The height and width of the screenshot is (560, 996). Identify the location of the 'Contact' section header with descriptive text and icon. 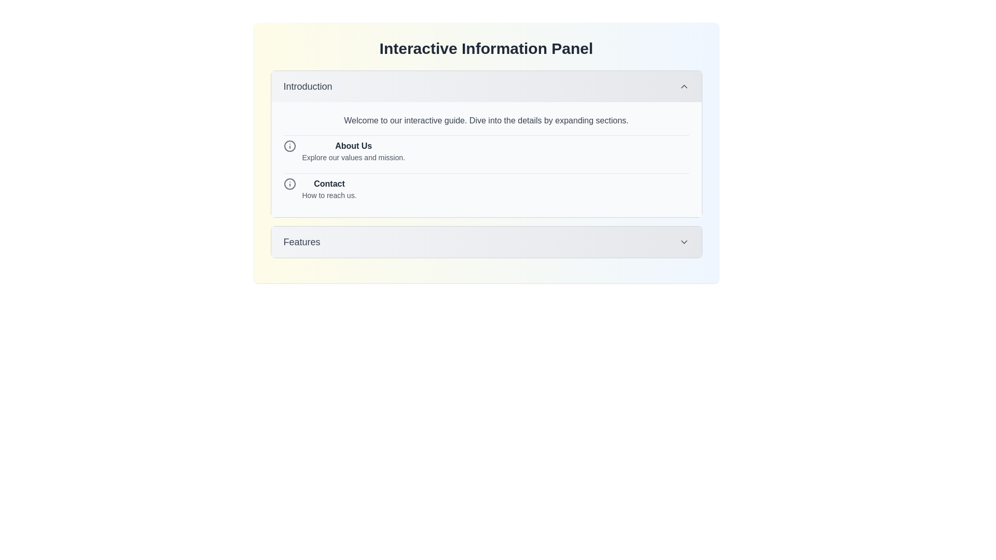
(486, 189).